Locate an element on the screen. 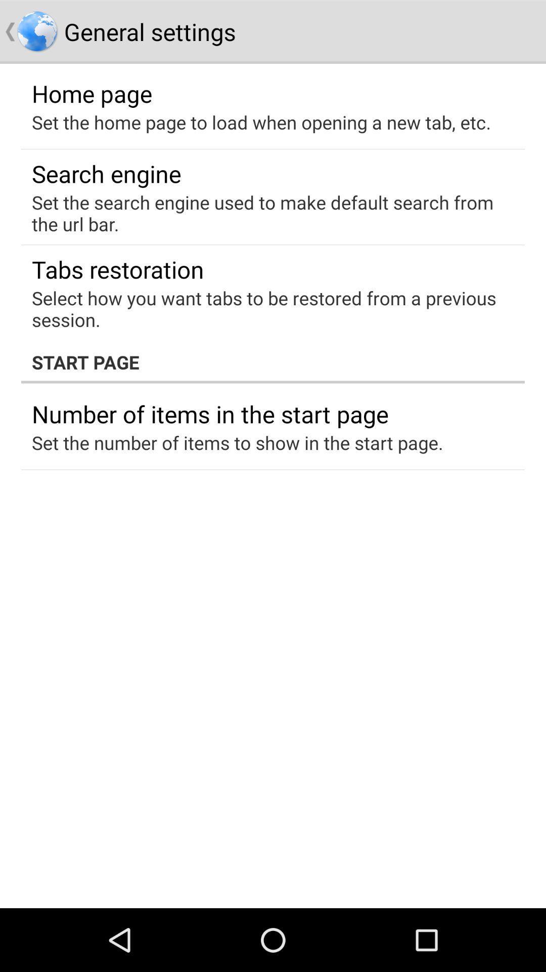  the item below the set the search item is located at coordinates (117, 269).